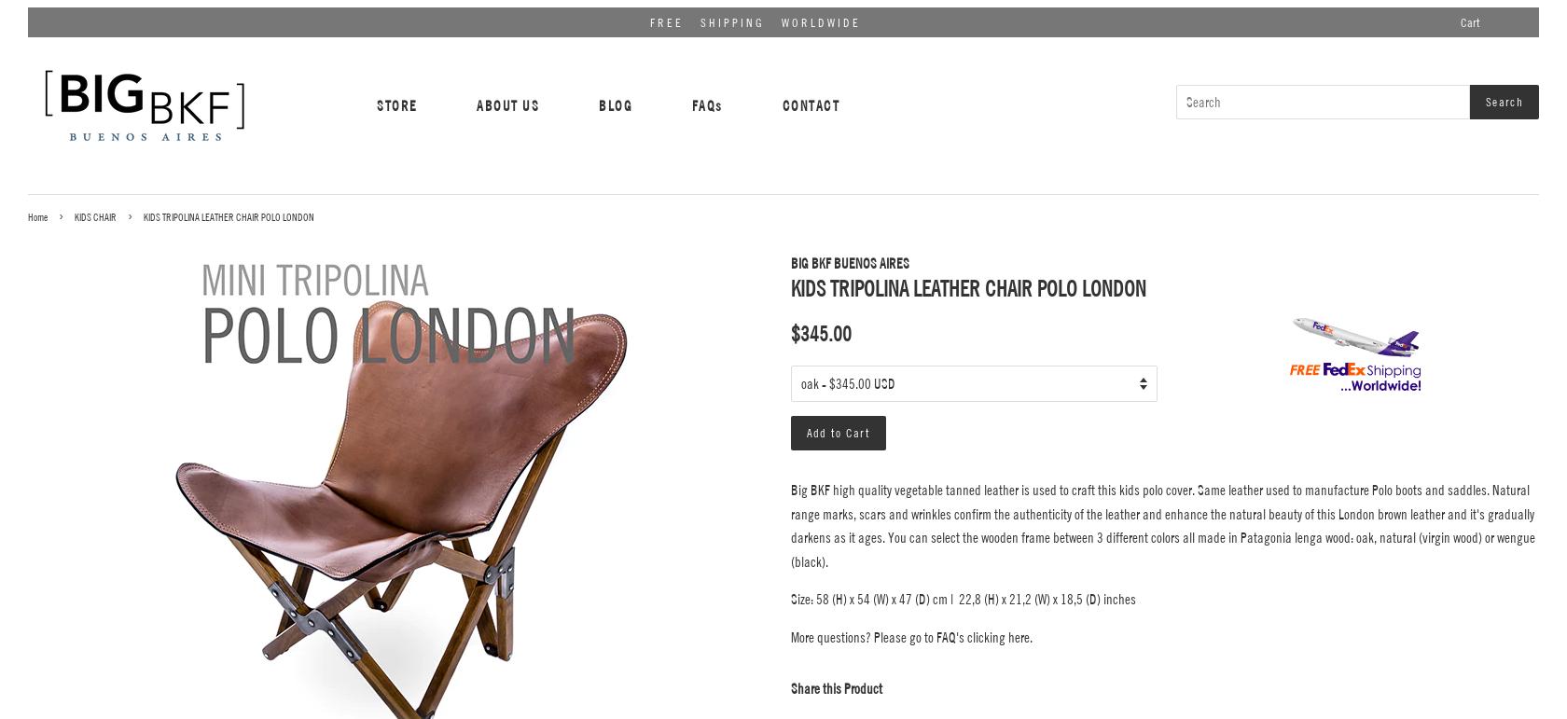  I want to click on 'CONTACT', so click(811, 104).